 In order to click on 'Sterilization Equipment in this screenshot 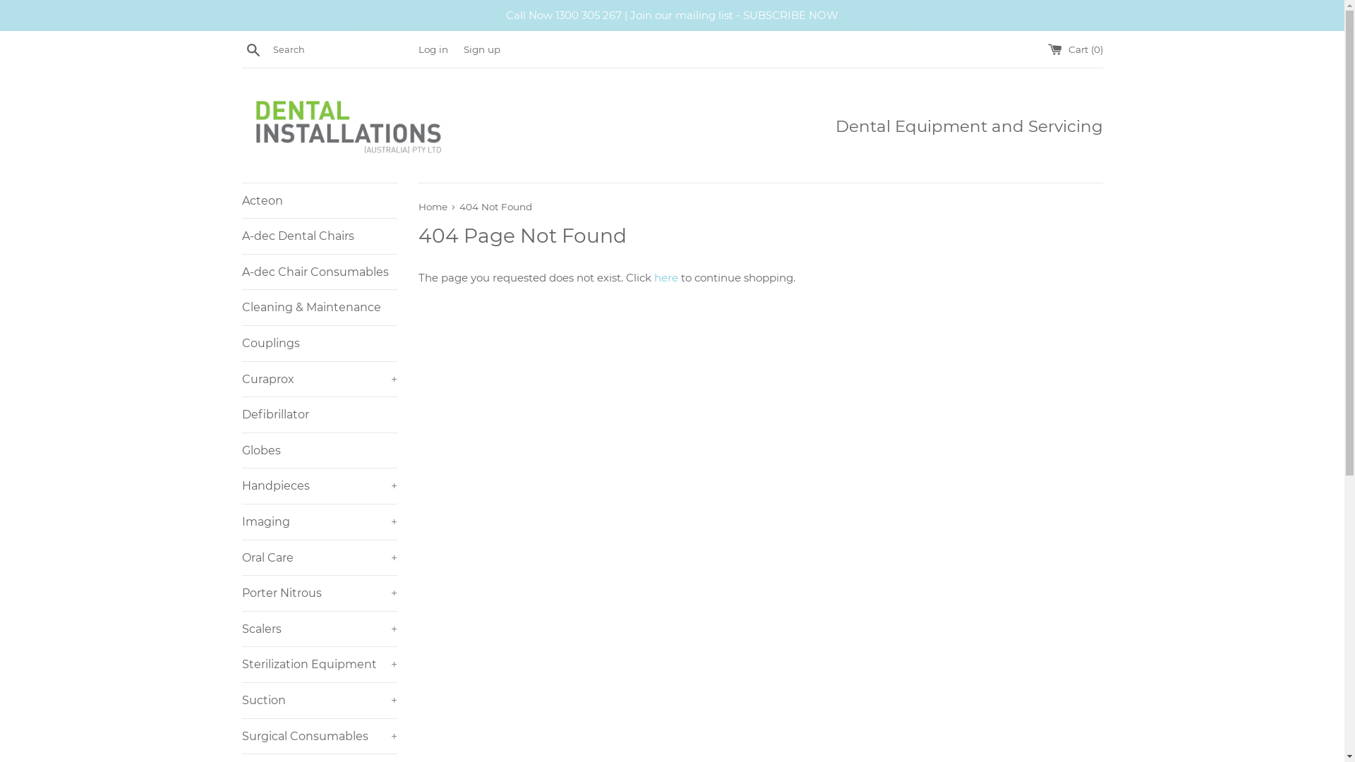, I will do `click(318, 664)`.